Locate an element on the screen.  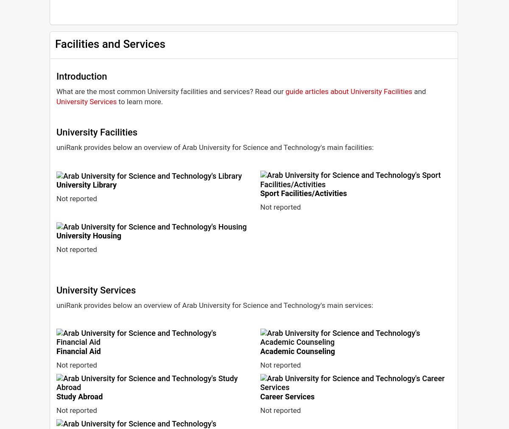
'University Library' is located at coordinates (86, 184).